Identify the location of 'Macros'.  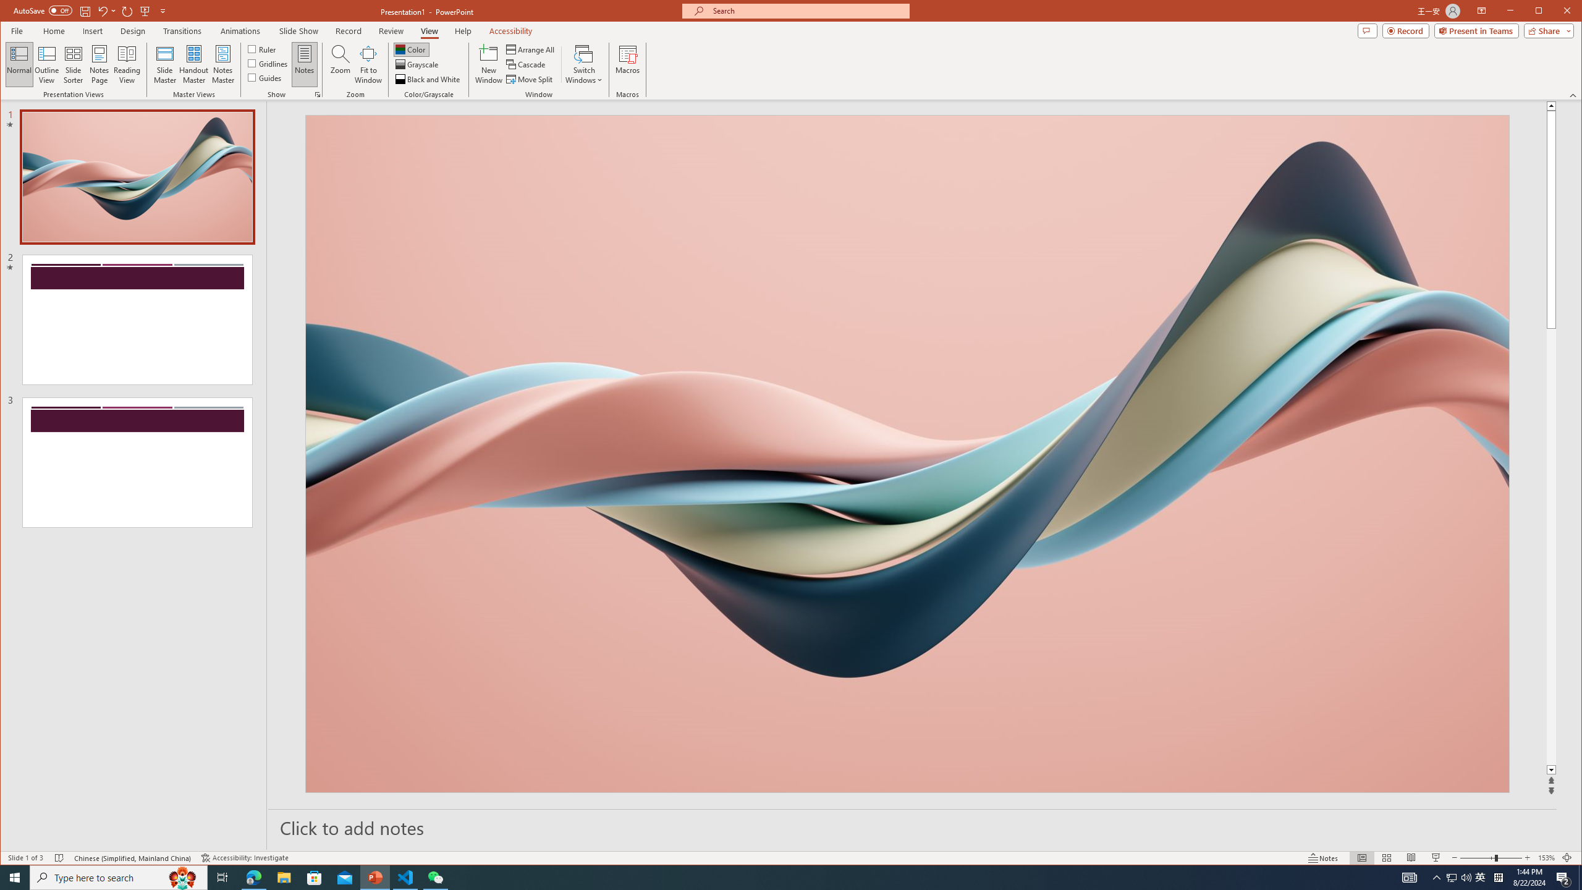
(627, 64).